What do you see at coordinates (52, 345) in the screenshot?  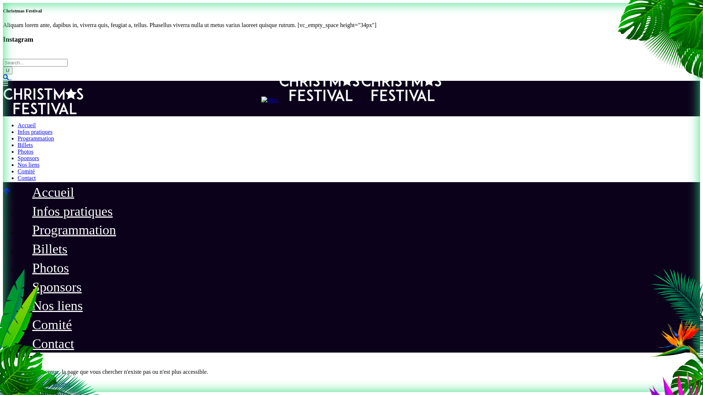 I see `'Contact'` at bounding box center [52, 345].